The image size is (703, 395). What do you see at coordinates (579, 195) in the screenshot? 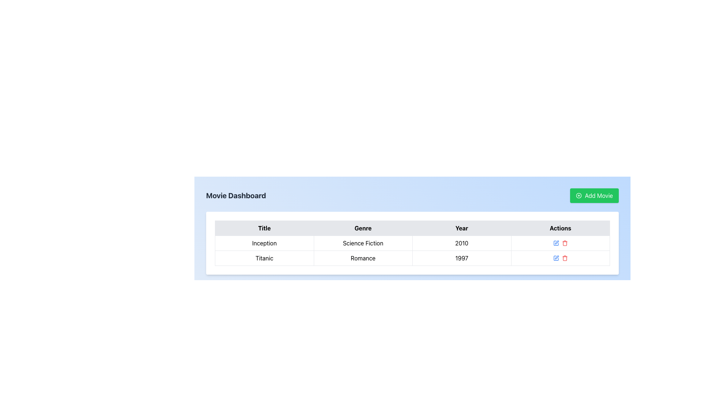
I see `the 'Add Movie' button represented by the circular graphical element in the top-right corner of the interface` at bounding box center [579, 195].